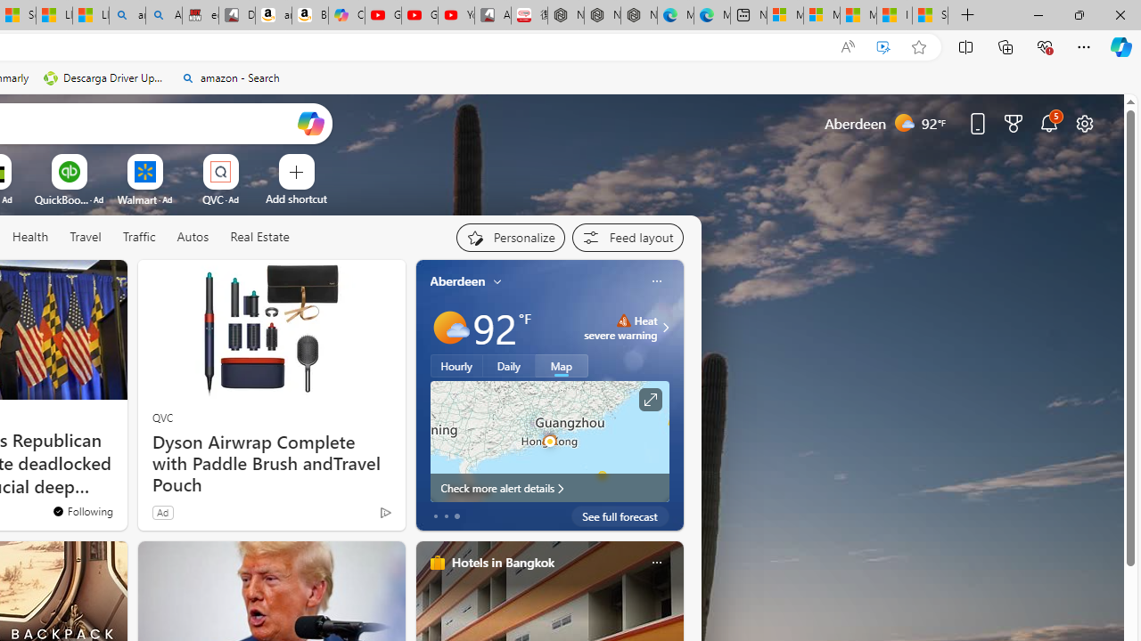 The height and width of the screenshot is (641, 1141). Describe the element at coordinates (435, 515) in the screenshot. I see `'tab-0'` at that location.